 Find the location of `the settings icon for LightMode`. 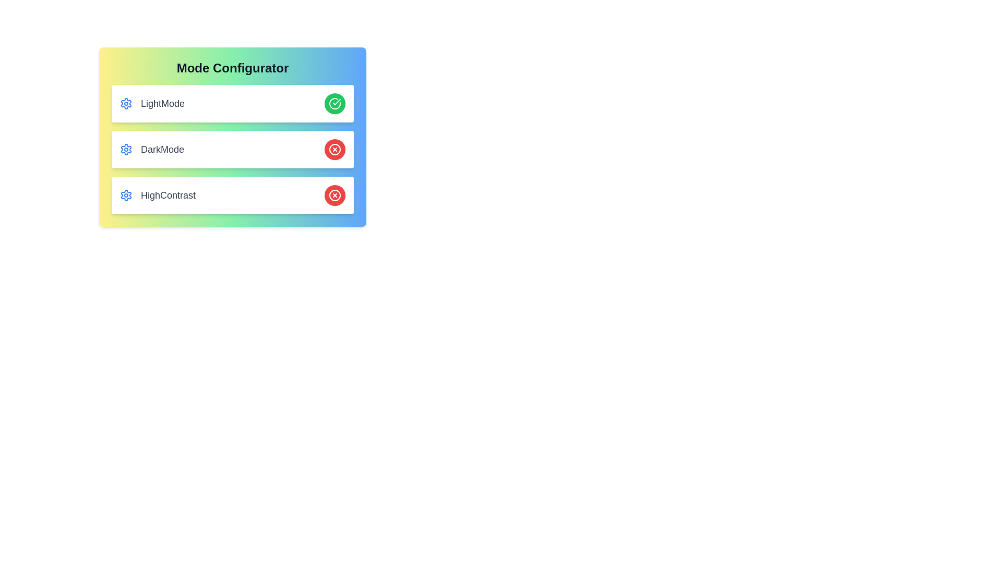

the settings icon for LightMode is located at coordinates (125, 104).